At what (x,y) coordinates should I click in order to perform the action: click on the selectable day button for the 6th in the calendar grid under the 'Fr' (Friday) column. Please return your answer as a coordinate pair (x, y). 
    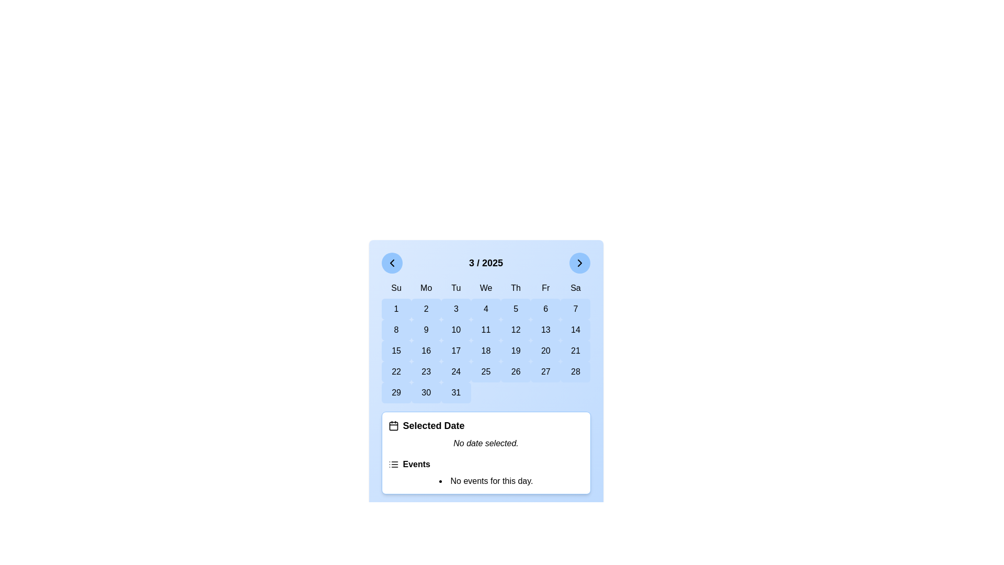
    Looking at the image, I should click on (545, 308).